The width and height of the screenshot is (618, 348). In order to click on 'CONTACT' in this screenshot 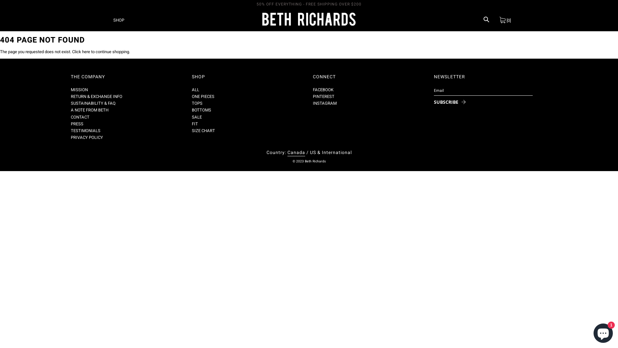, I will do `click(80, 117)`.